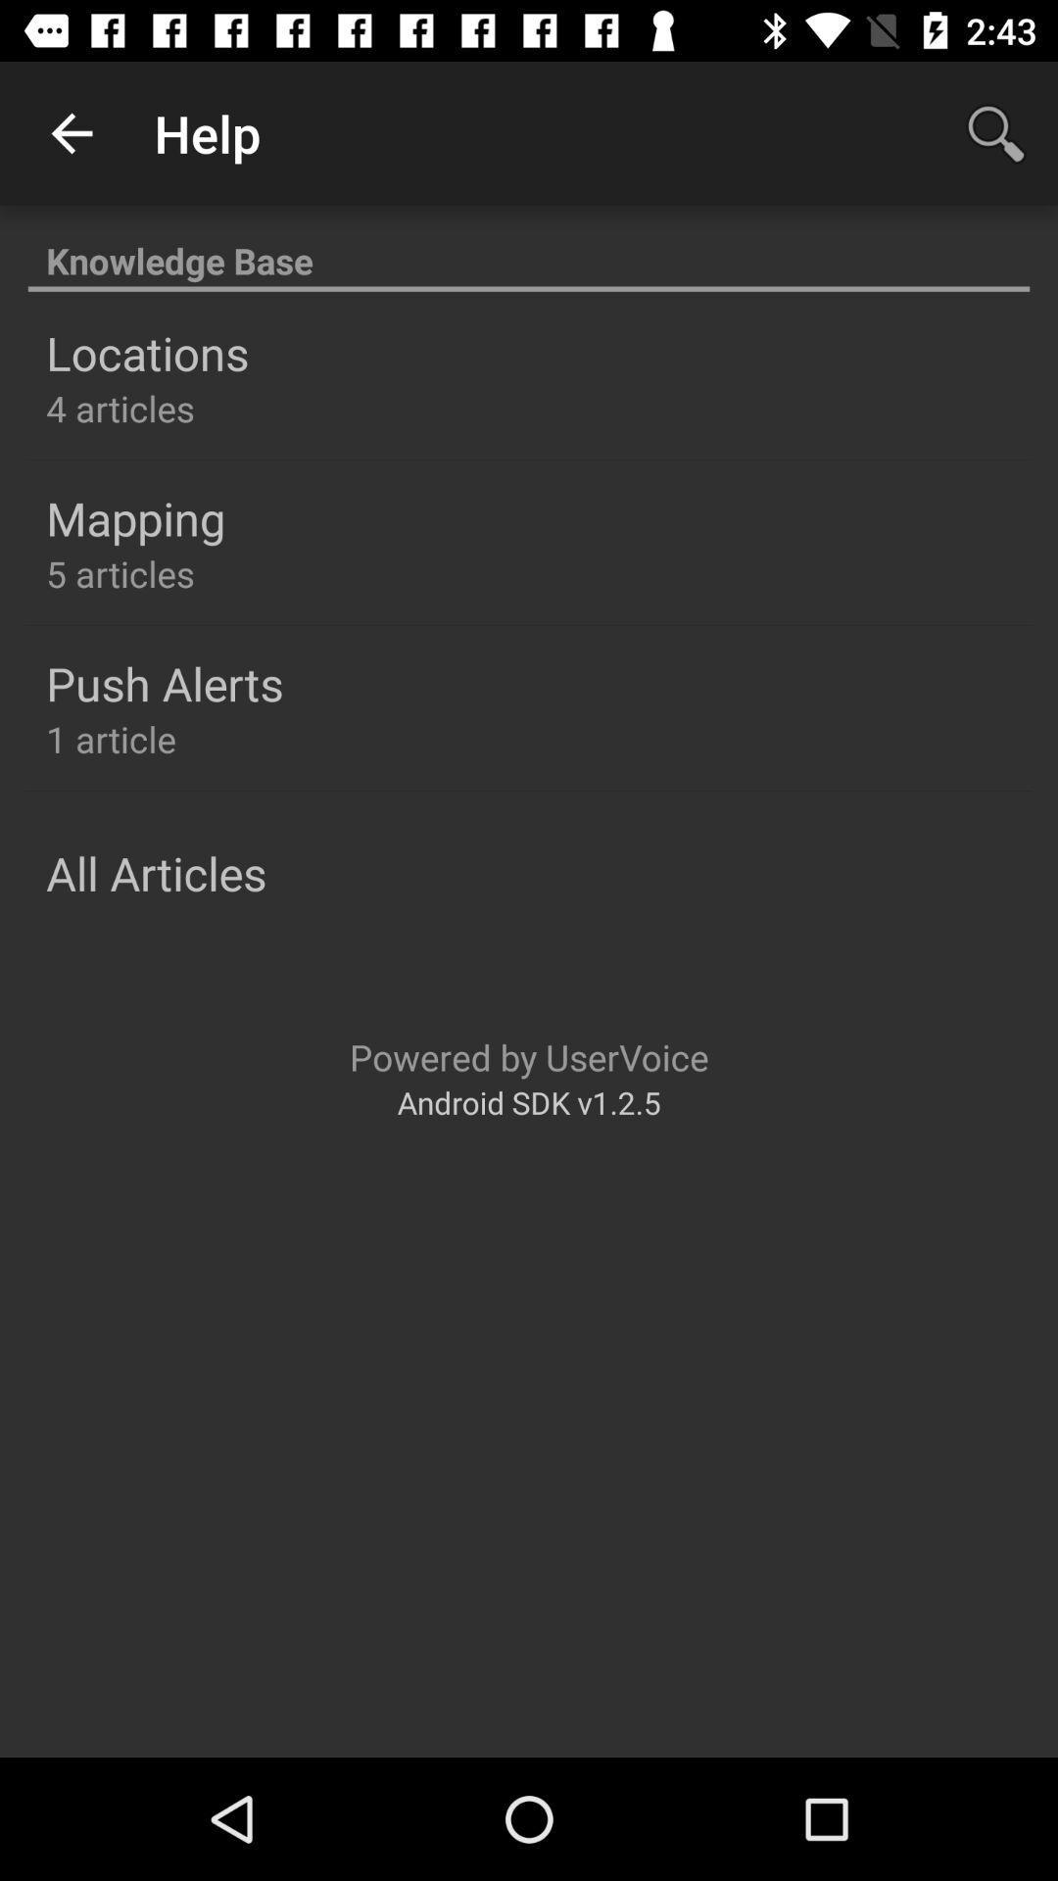 Image resolution: width=1058 pixels, height=1881 pixels. What do you see at coordinates (996, 132) in the screenshot?
I see `the item above the knowledge base item` at bounding box center [996, 132].